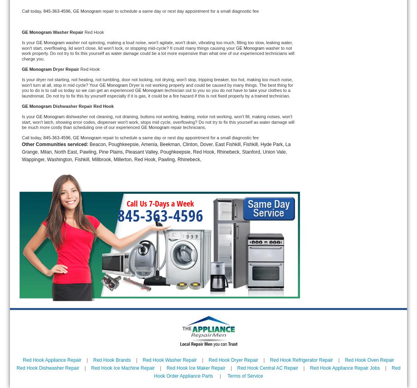 The height and width of the screenshot is (388, 417). What do you see at coordinates (170, 127) in the screenshot?
I see `'repair technicians.'` at bounding box center [170, 127].